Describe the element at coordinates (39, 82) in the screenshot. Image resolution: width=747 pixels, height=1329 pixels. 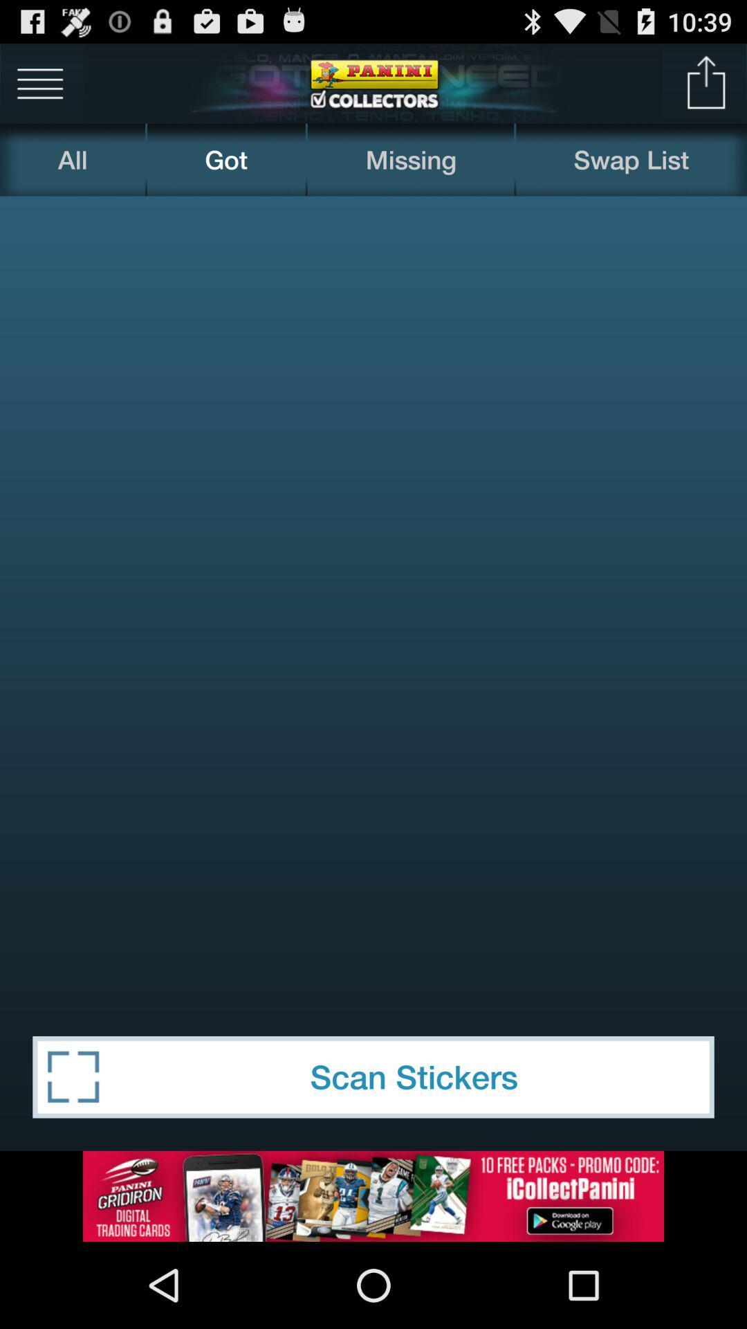
I see `menu bar` at that location.